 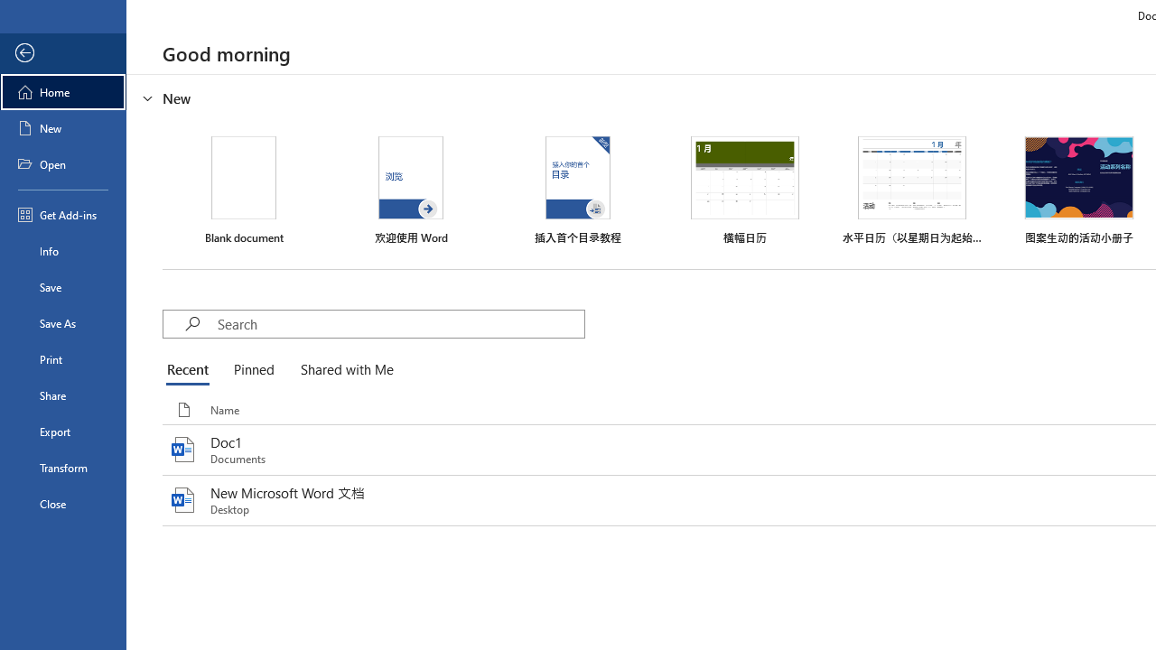 I want to click on 'Pinned', so click(x=252, y=370).